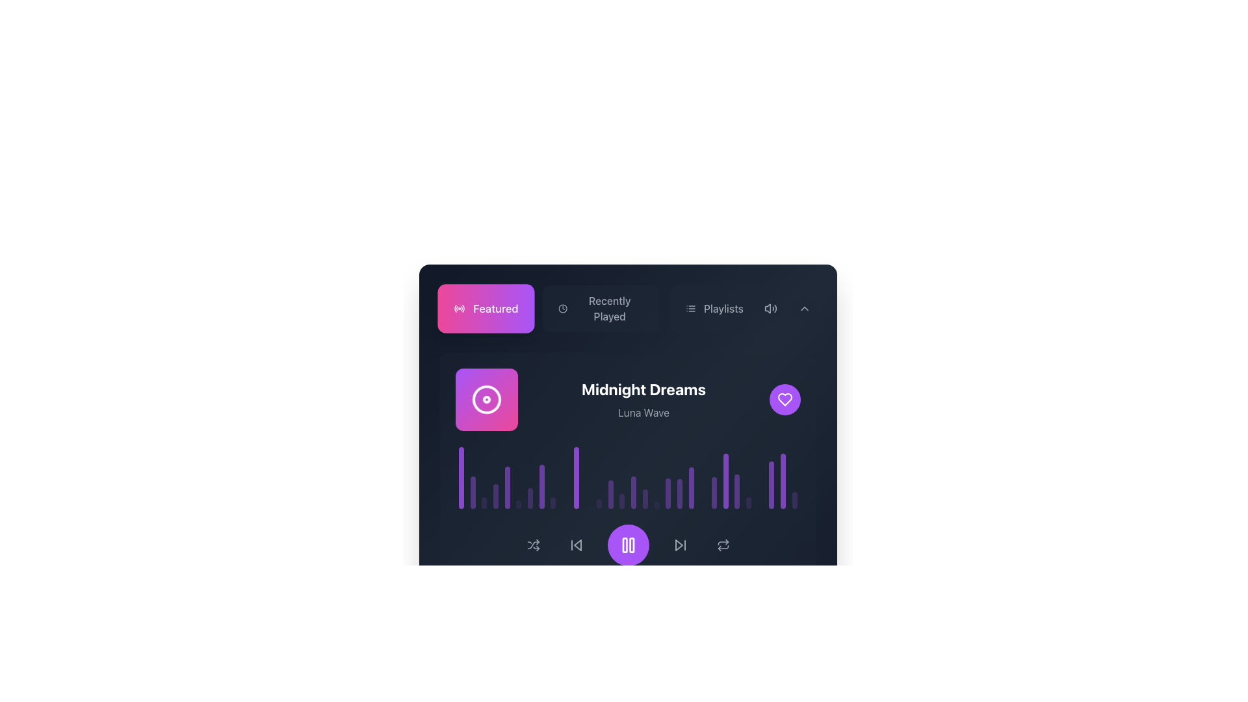 This screenshot has width=1248, height=702. Describe the element at coordinates (679, 545) in the screenshot. I see `the fourth button in the horizontal group of playback controls located at the bottom center of the interface` at that location.